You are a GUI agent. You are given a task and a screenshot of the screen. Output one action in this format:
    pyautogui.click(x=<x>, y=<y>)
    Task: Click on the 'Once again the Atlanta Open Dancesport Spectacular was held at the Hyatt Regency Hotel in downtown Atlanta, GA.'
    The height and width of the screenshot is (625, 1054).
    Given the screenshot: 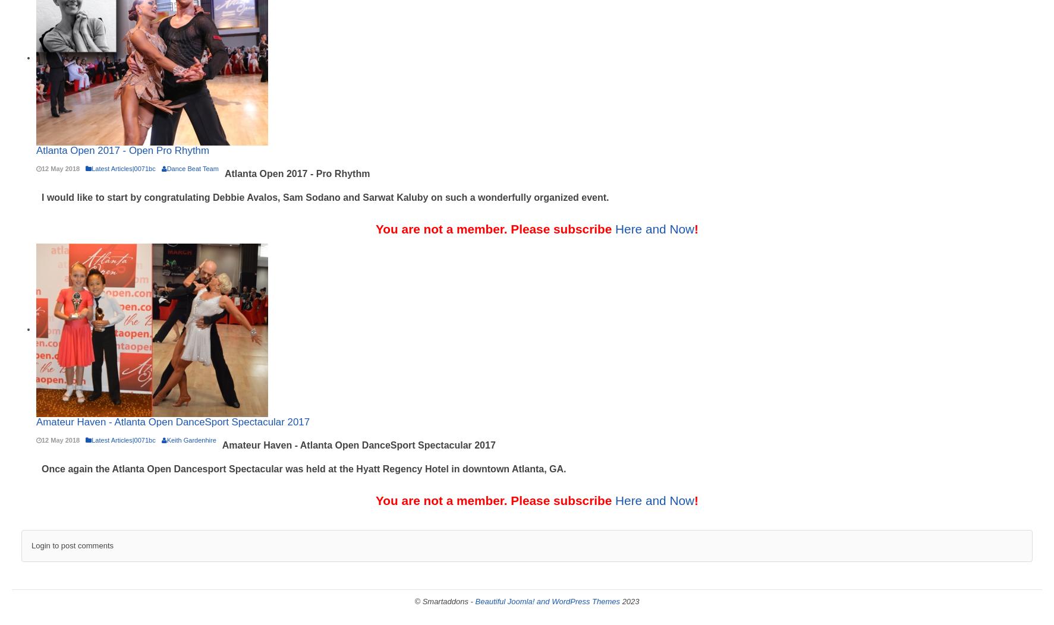 What is the action you would take?
    pyautogui.click(x=303, y=469)
    